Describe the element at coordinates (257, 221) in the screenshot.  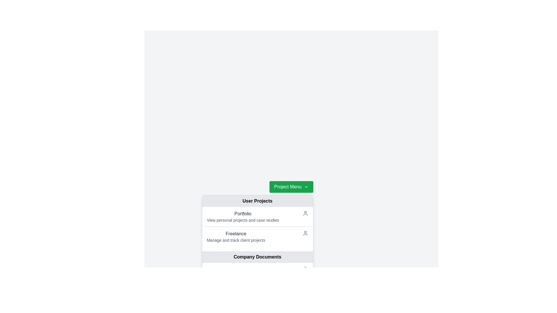
I see `the 'Portfolio' subsection header within the 'Project Menu' dropdown` at that location.